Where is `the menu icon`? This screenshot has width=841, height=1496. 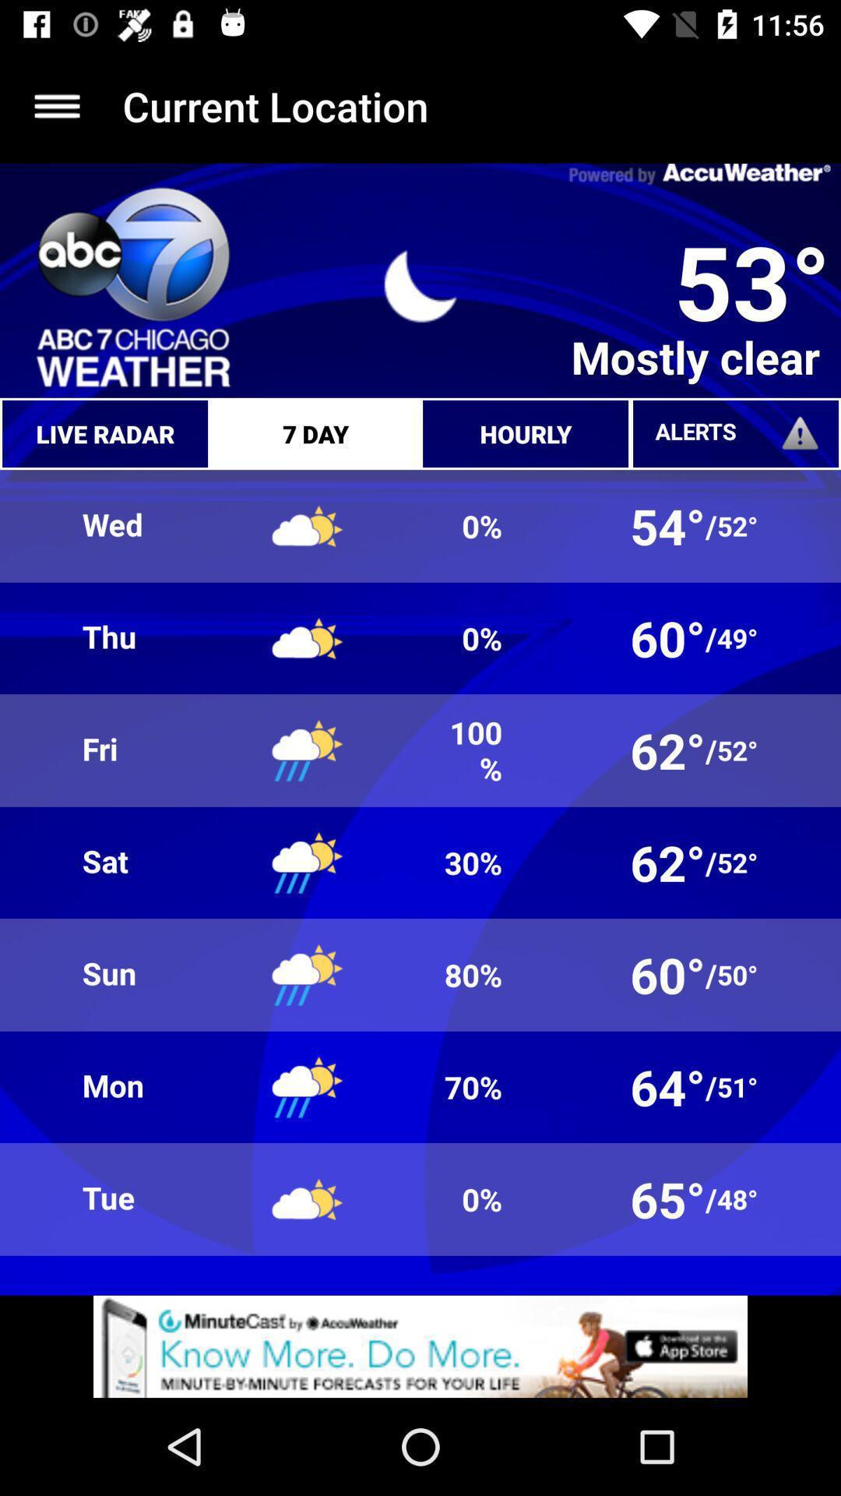 the menu icon is located at coordinates (56, 105).